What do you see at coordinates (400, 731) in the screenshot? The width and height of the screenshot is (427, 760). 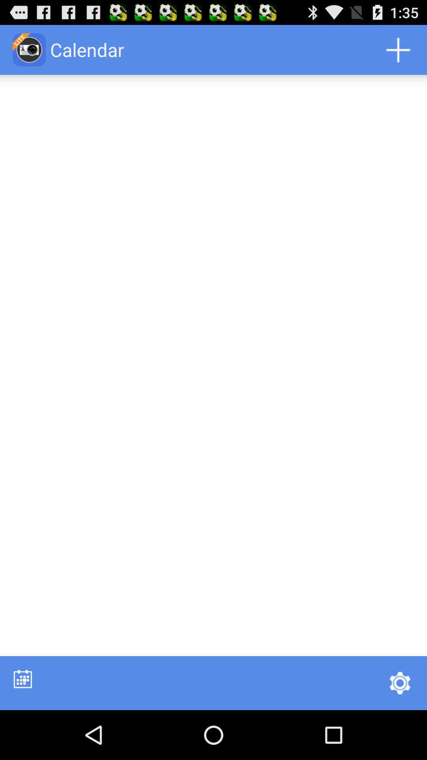 I see `the settings icon` at bounding box center [400, 731].